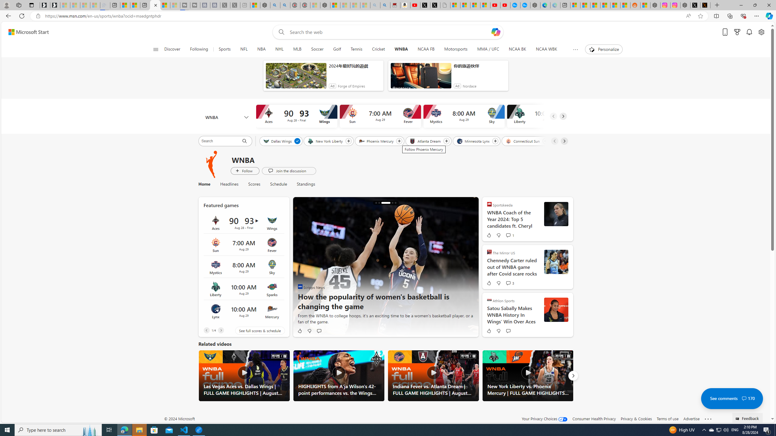 The image size is (776, 436). Describe the element at coordinates (691, 418) in the screenshot. I see `'Advertise'` at that location.